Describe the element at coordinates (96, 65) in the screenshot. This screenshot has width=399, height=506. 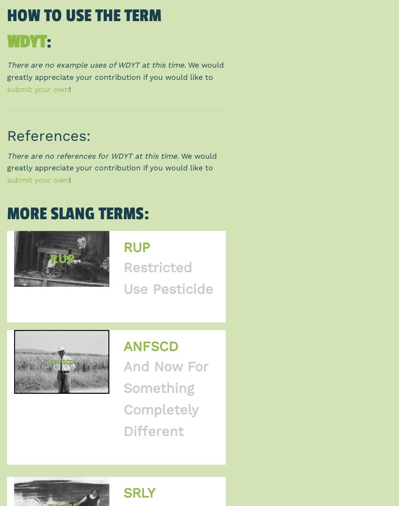
I see `'There are no example uses of WDYT at this time.'` at that location.